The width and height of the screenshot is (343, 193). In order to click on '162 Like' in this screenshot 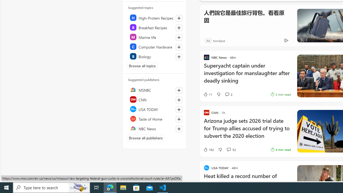, I will do `click(208, 150)`.